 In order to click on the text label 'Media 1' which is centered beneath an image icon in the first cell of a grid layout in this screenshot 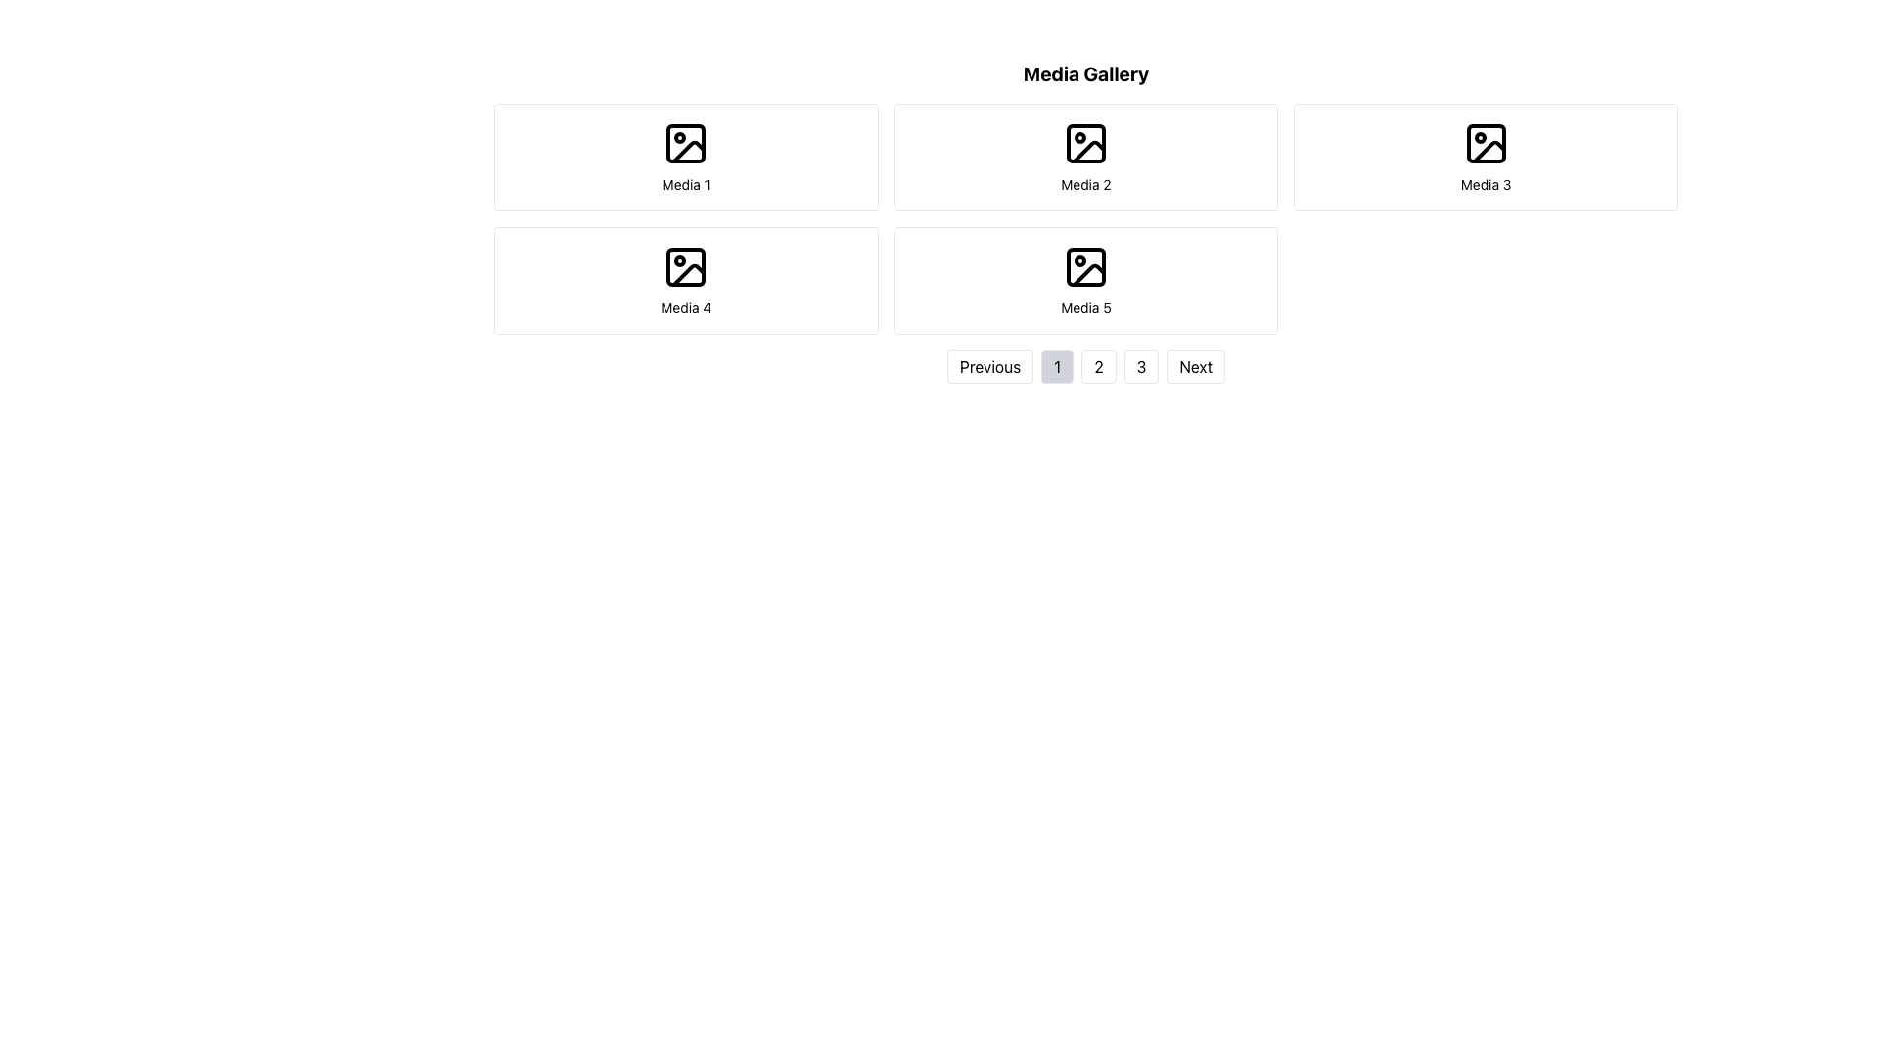, I will do `click(686, 185)`.